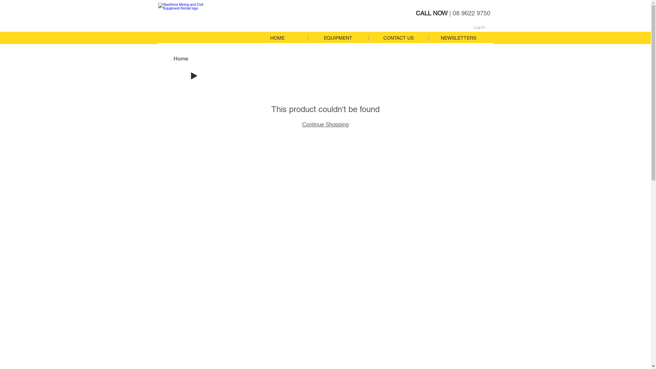 This screenshot has height=369, width=656. Describe the element at coordinates (325, 124) in the screenshot. I see `'Continue Shopping'` at that location.